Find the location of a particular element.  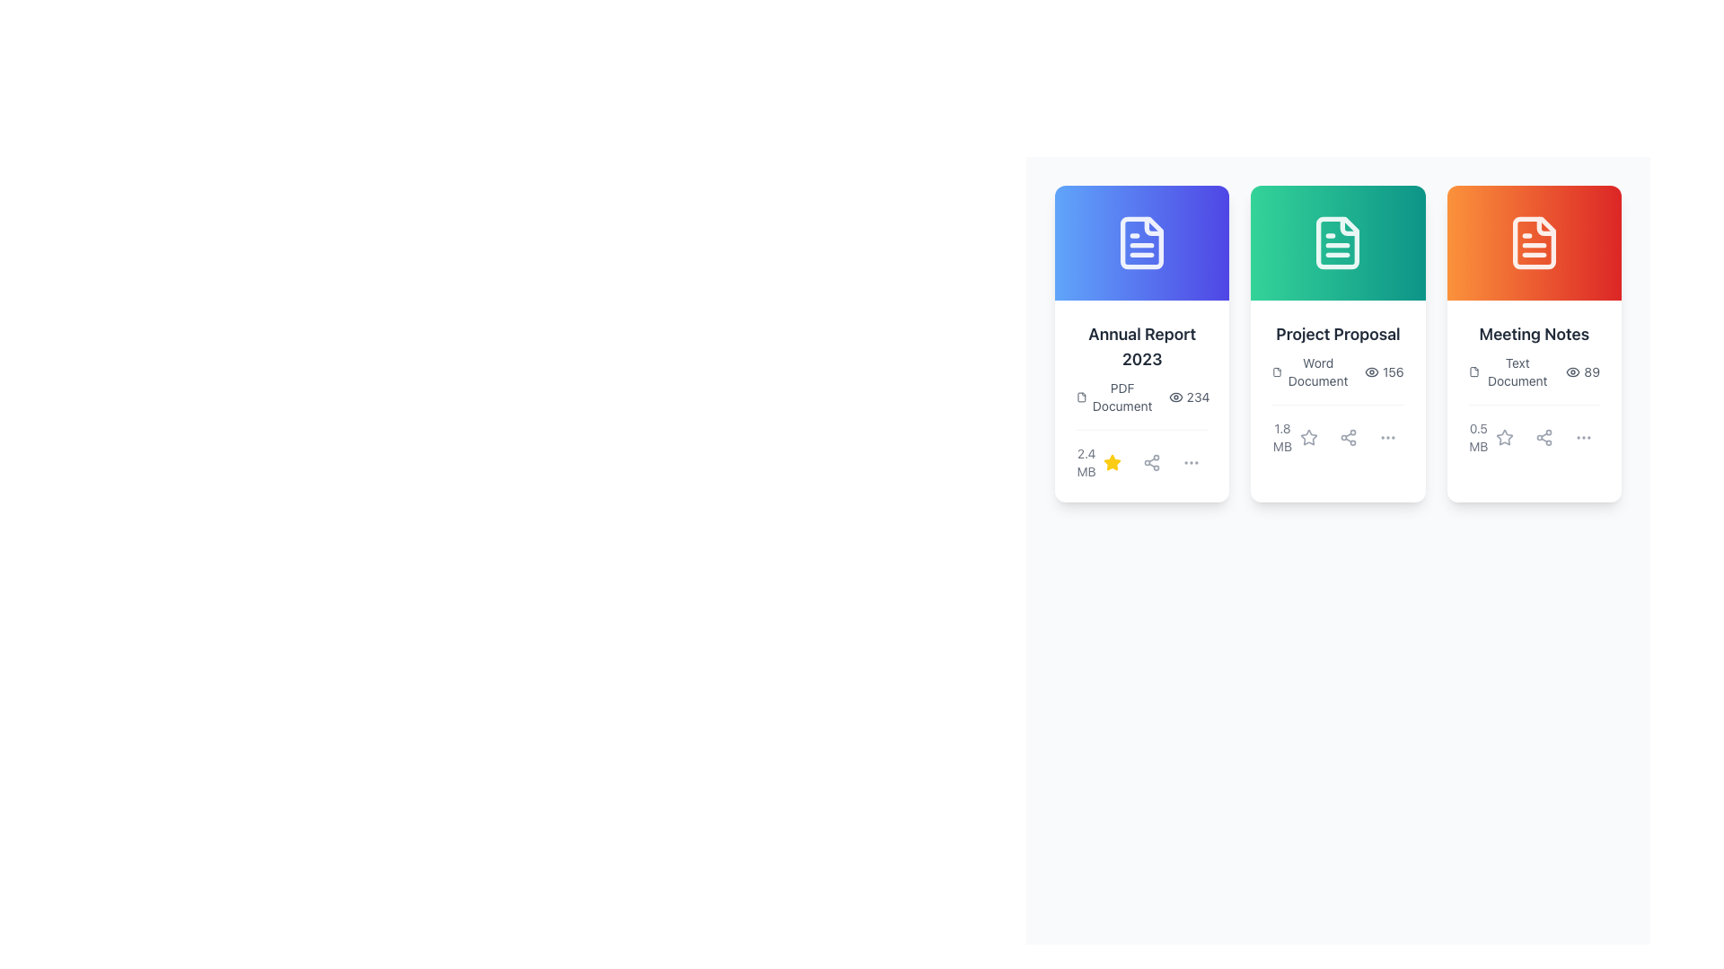

text label displaying 'Annual Report 2023' which is styled in bold and located at the top of a card-like component with a blue header is located at coordinates (1141, 346).